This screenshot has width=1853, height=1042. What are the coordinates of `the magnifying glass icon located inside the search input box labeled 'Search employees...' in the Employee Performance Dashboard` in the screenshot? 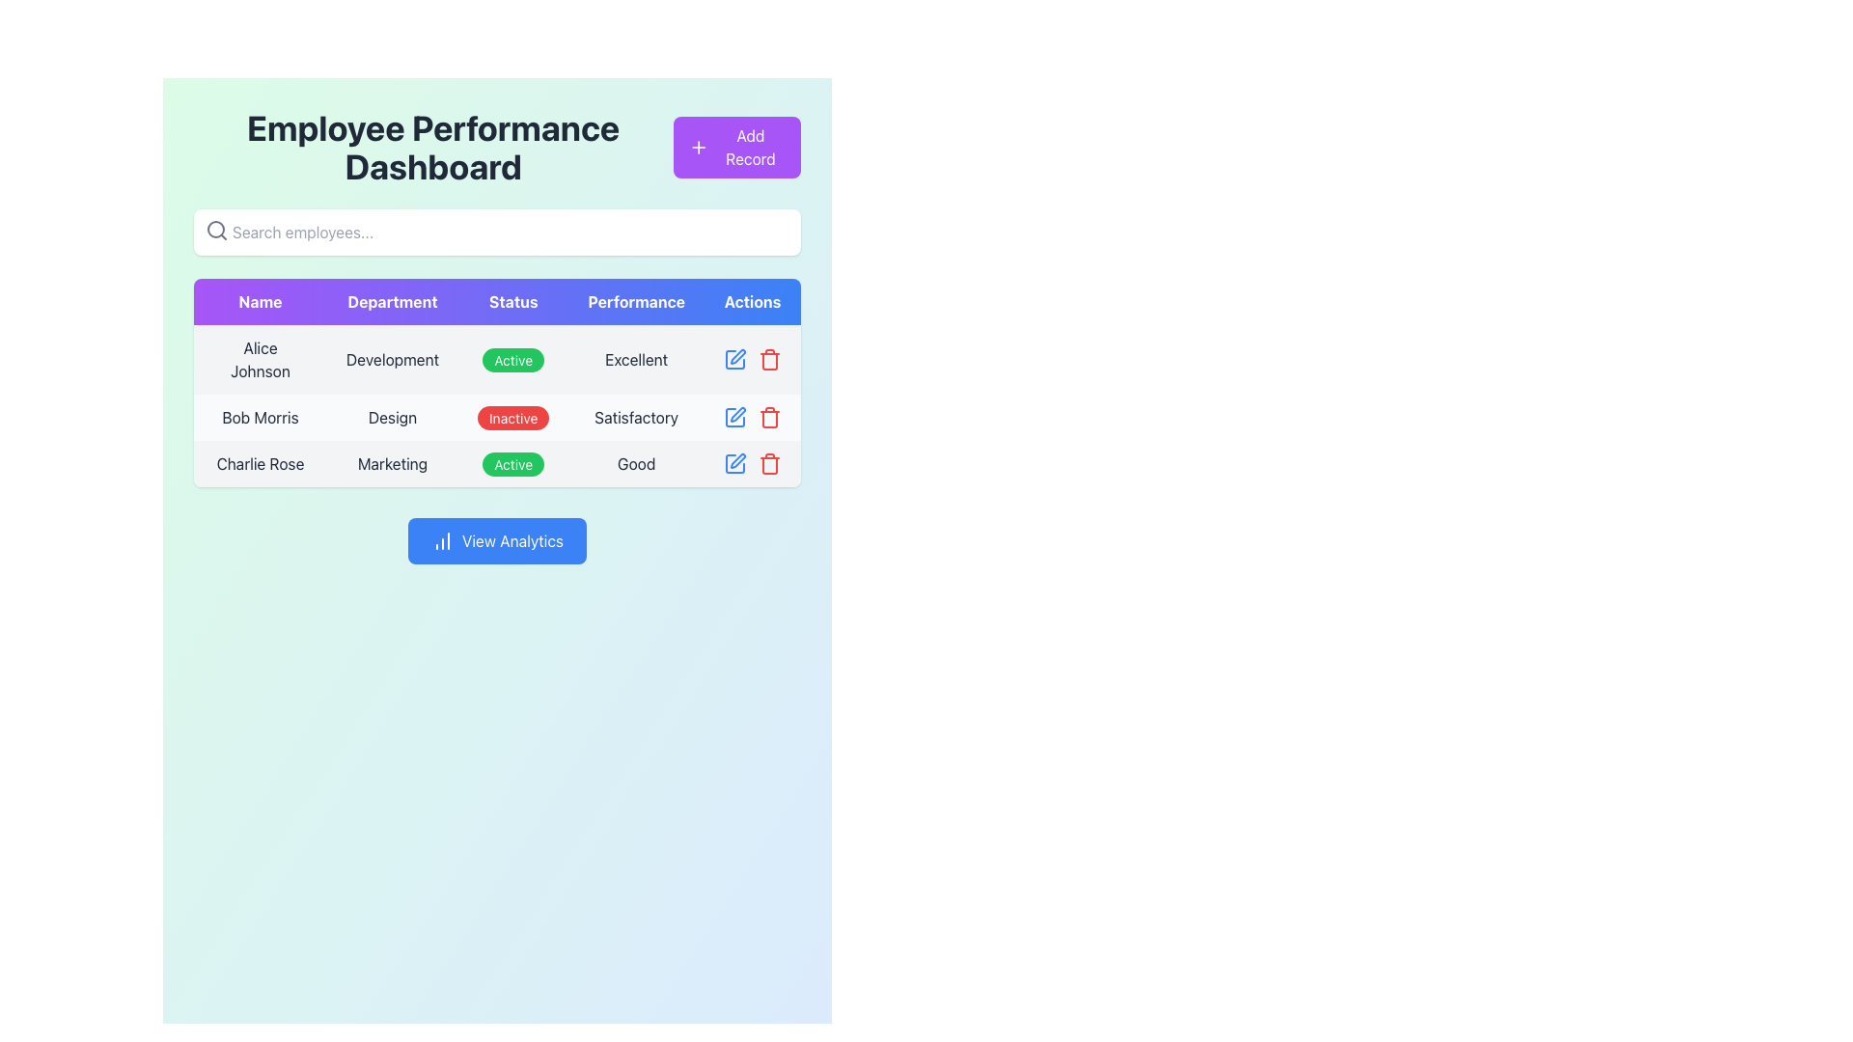 It's located at (217, 230).